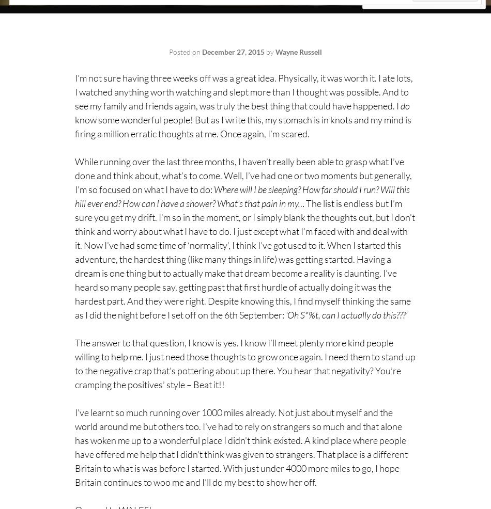 The image size is (491, 509). Describe the element at coordinates (243, 91) in the screenshot. I see `'I’m not sure having three weeks off was a great idea. Physically, it was worth it. I ate lots, I watched anything worth watching and slept more than I thought was possible. And to see my family and friends again, was truly the best thing that could have happened. I'` at that location.